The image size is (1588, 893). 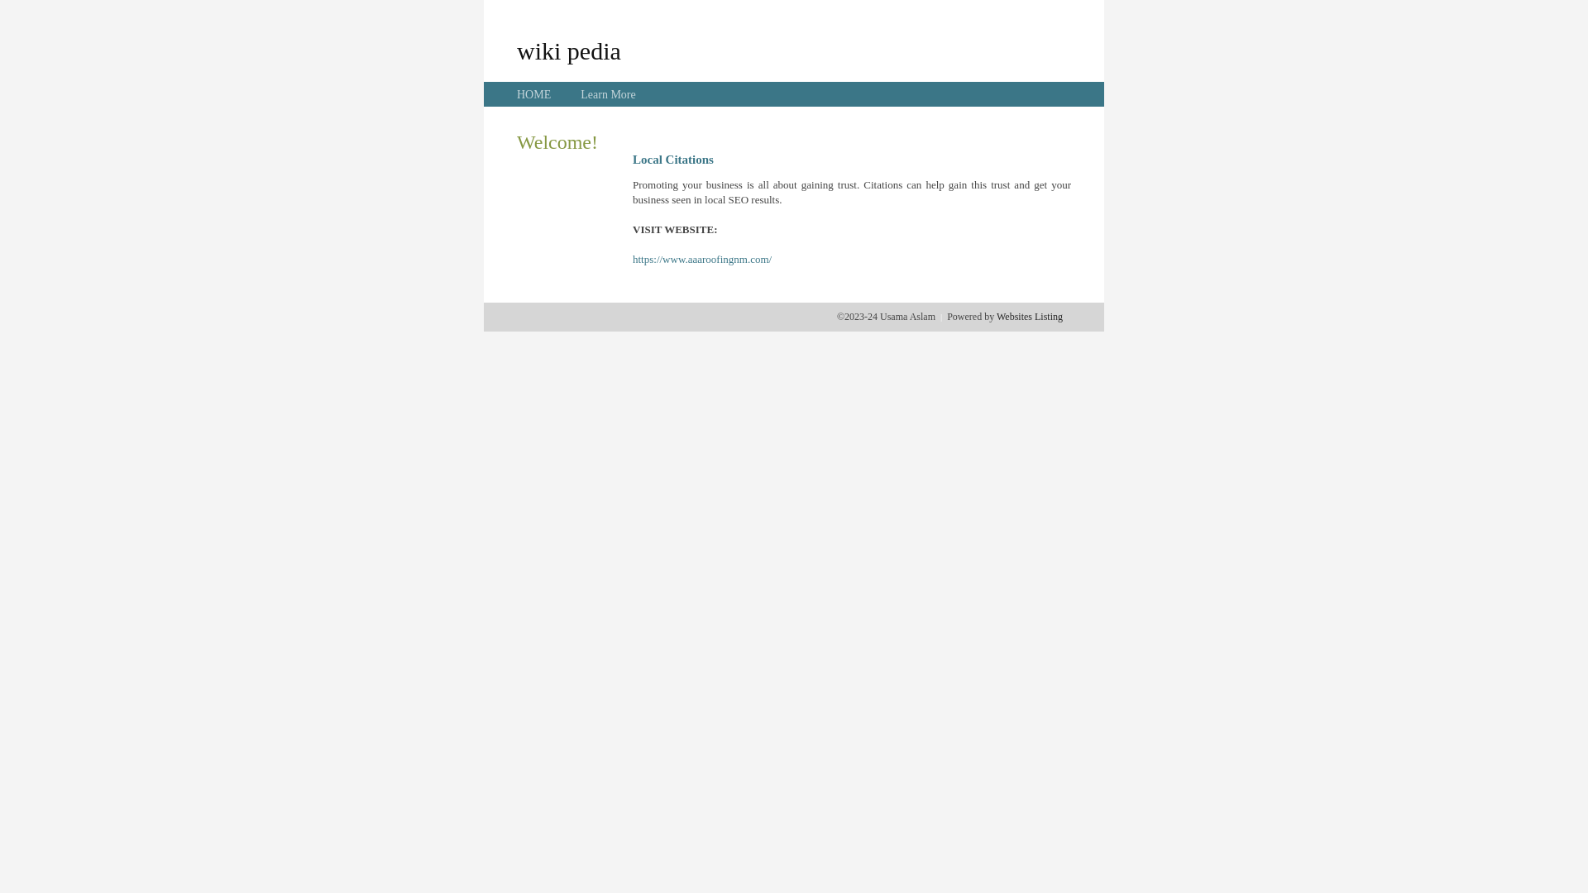 I want to click on 'https://www.aaaroofingnm.com/', so click(x=631, y=259).